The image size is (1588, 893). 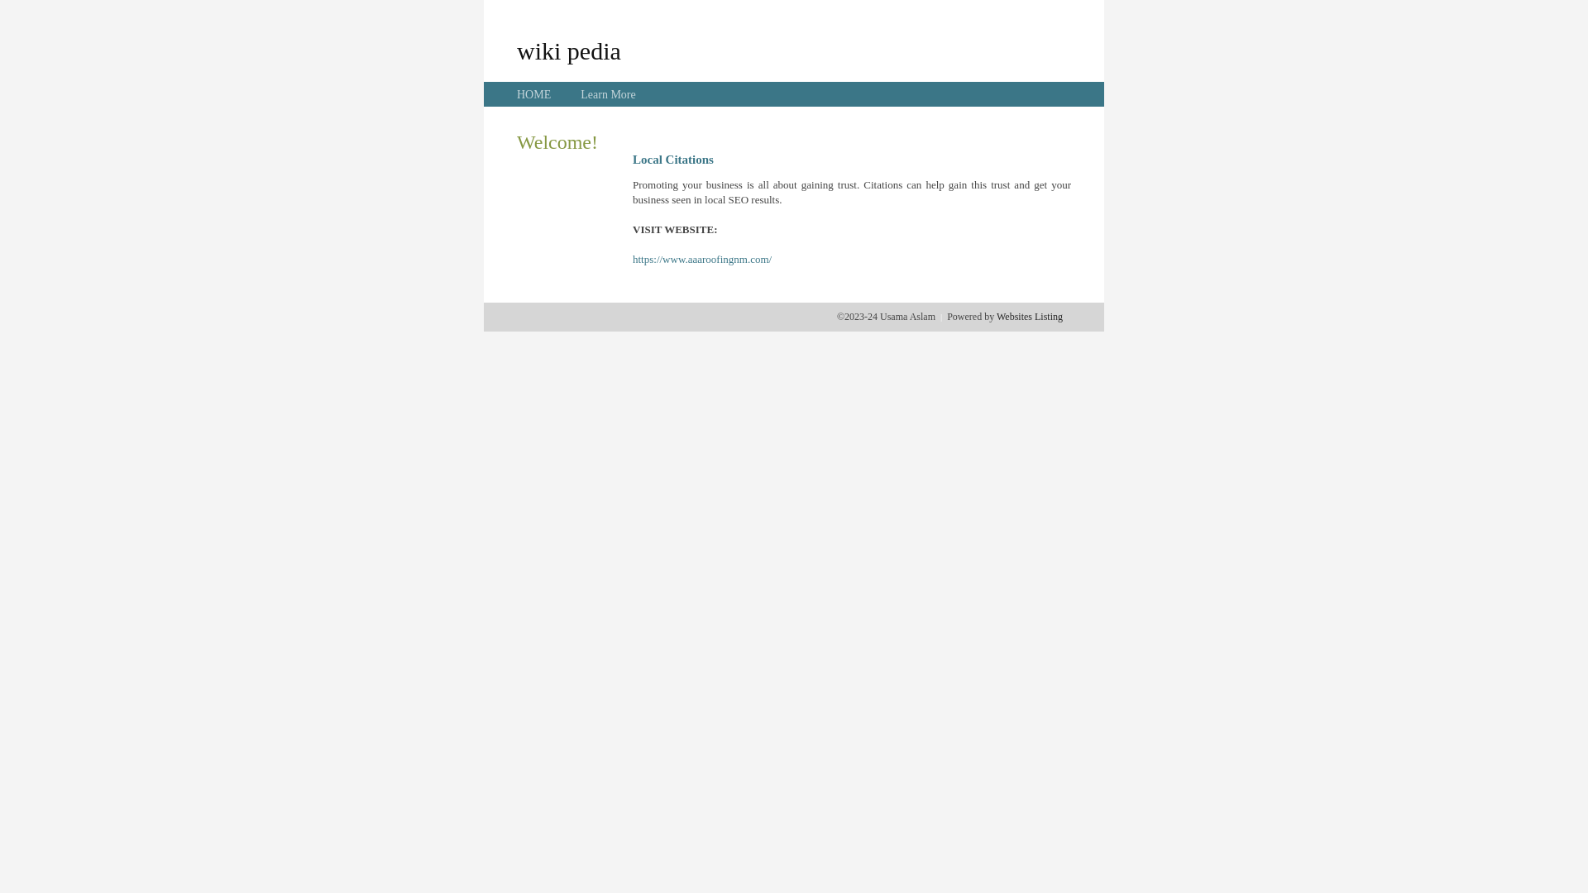 I want to click on 'https://www.aaaroofingnm.com/', so click(x=631, y=259).